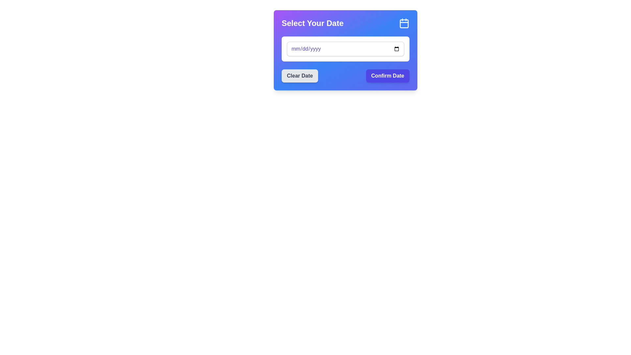  What do you see at coordinates (299, 76) in the screenshot?
I see `the 'Clear Date' button, which has a light gray background and dark gray bold text, to change its background color` at bounding box center [299, 76].